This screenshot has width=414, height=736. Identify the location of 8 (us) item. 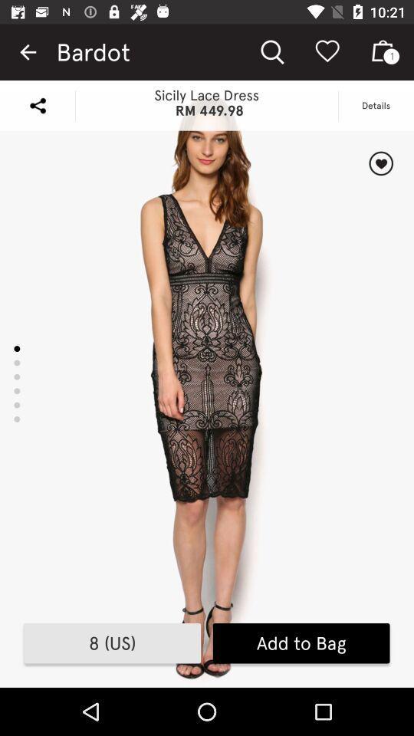
(111, 643).